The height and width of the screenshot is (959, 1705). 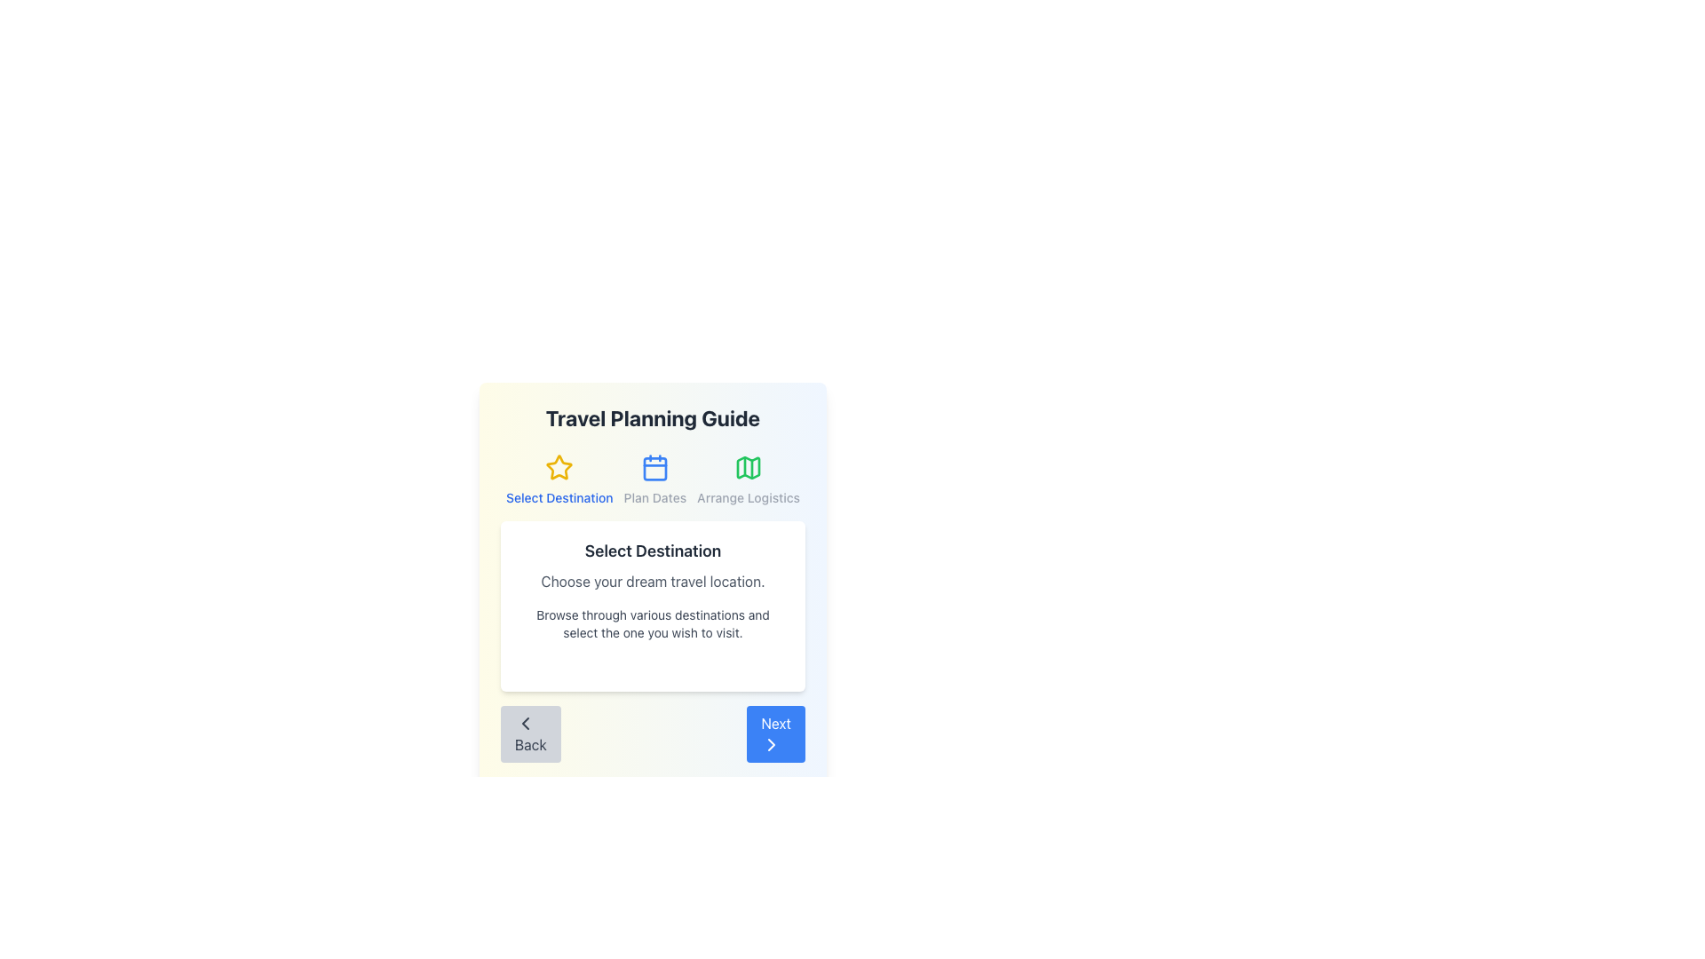 What do you see at coordinates (652, 479) in the screenshot?
I see `the 'Plan Dates' block in the Navigation bar` at bounding box center [652, 479].